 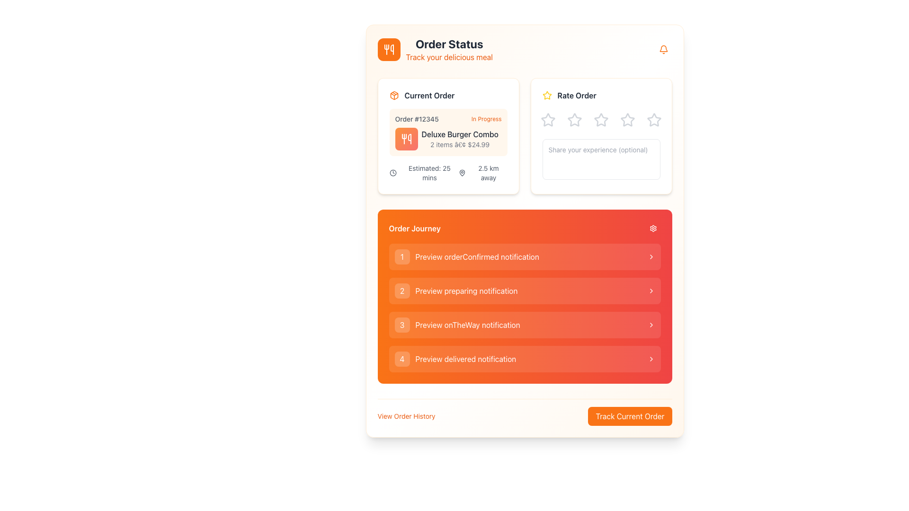 What do you see at coordinates (524, 290) in the screenshot?
I see `the second list item under the 'Order Journey' section` at bounding box center [524, 290].